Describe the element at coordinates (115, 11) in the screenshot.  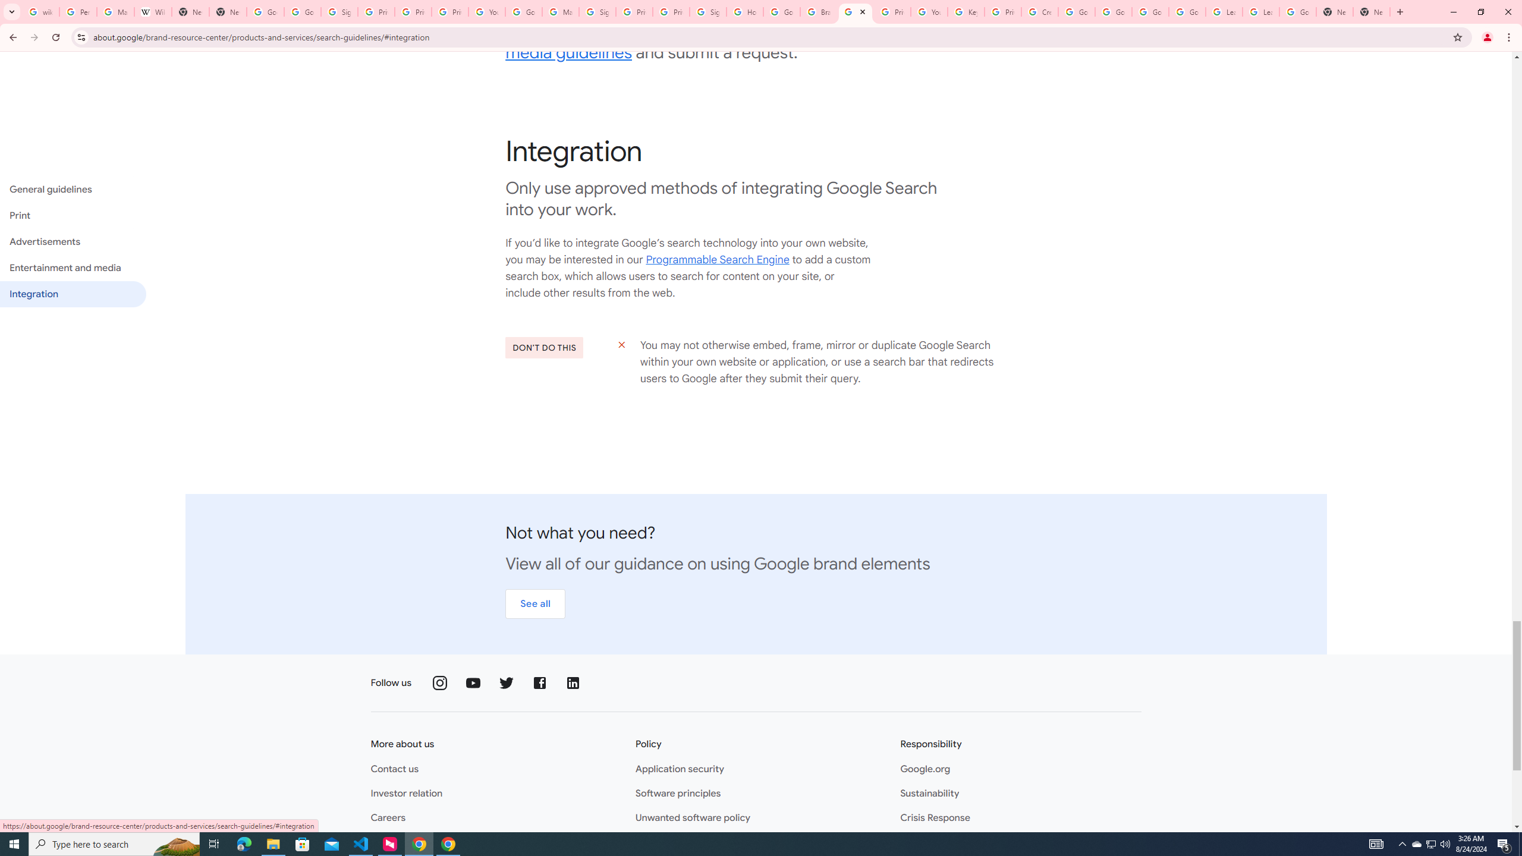
I see `'Manage your Location History - Google Search Help'` at that location.